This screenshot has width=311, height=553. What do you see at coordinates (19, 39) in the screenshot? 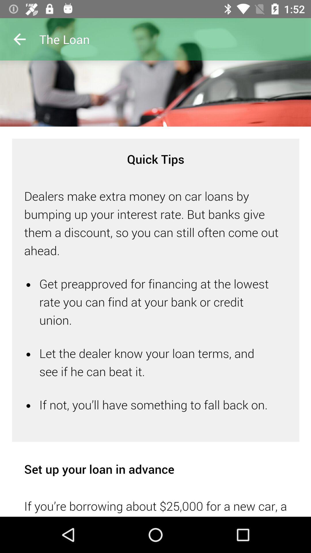
I see `back` at bounding box center [19, 39].